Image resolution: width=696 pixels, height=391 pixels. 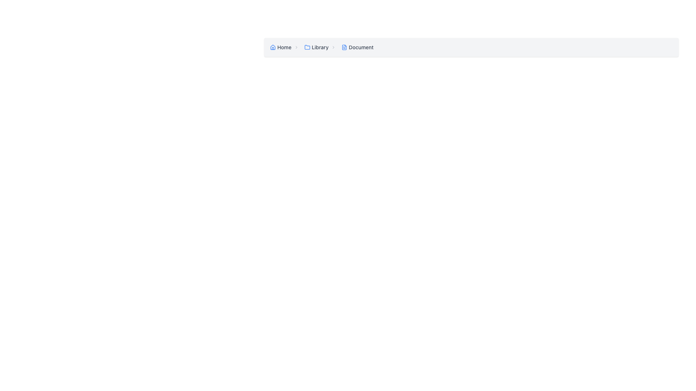 I want to click on the file/document icon located in the breadcrumb navigation bar adjacent to the 'Document' label, so click(x=344, y=47).